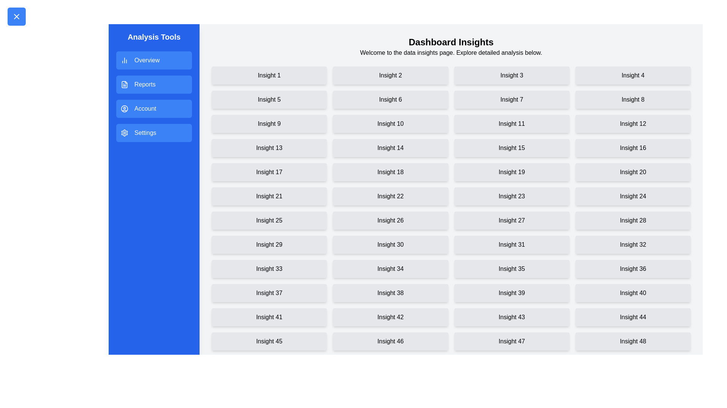 This screenshot has height=408, width=727. Describe the element at coordinates (154, 109) in the screenshot. I see `the menu item Account in the drawer` at that location.